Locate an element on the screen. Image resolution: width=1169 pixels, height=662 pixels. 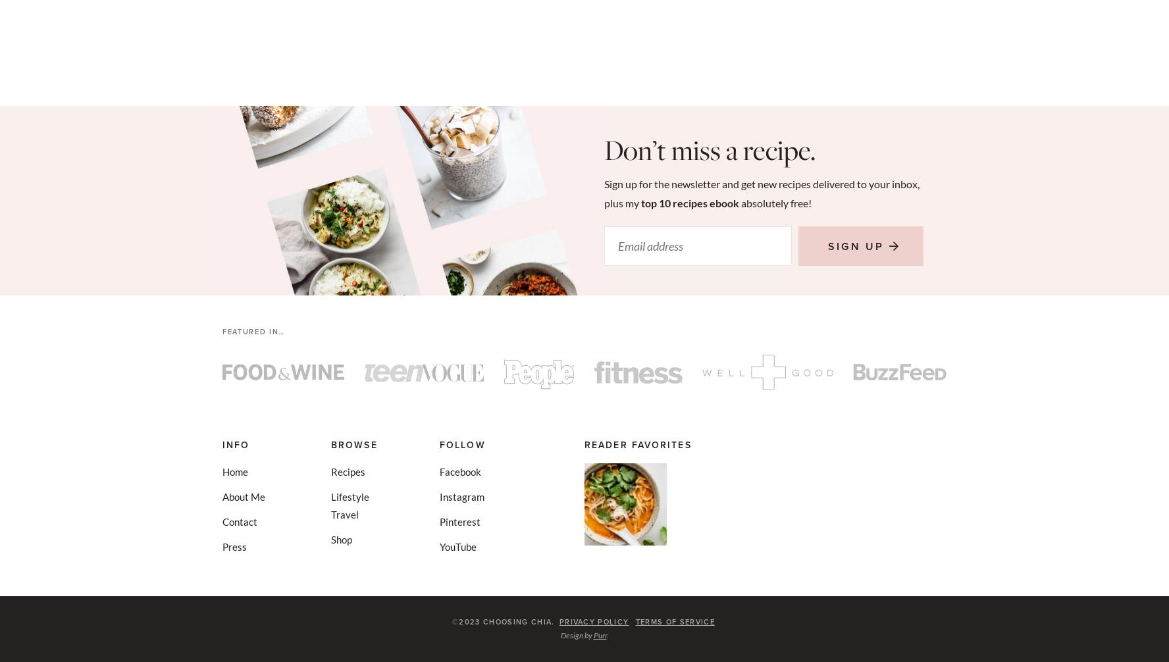
'Privacy Policy' is located at coordinates (593, 621).